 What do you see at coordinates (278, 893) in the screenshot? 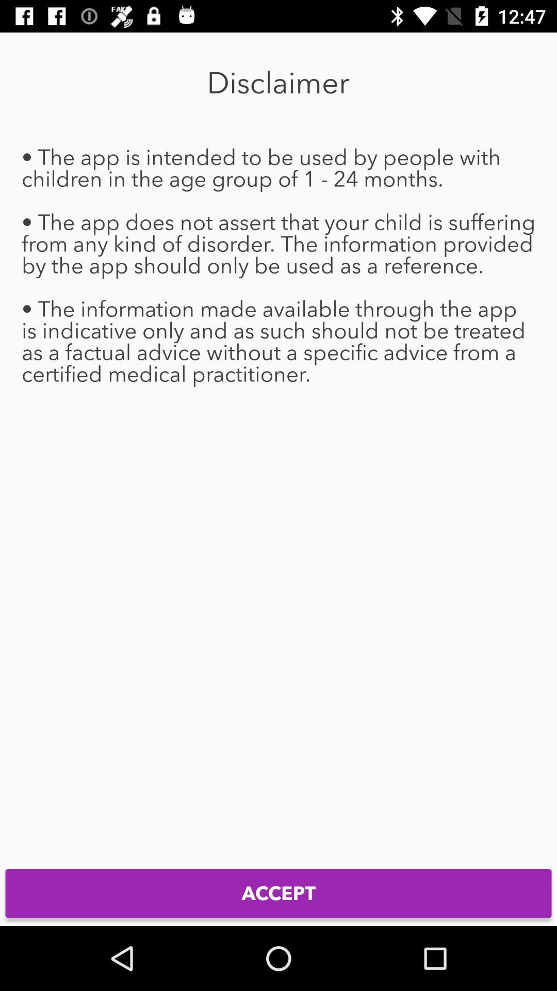
I see `the accept icon` at bounding box center [278, 893].